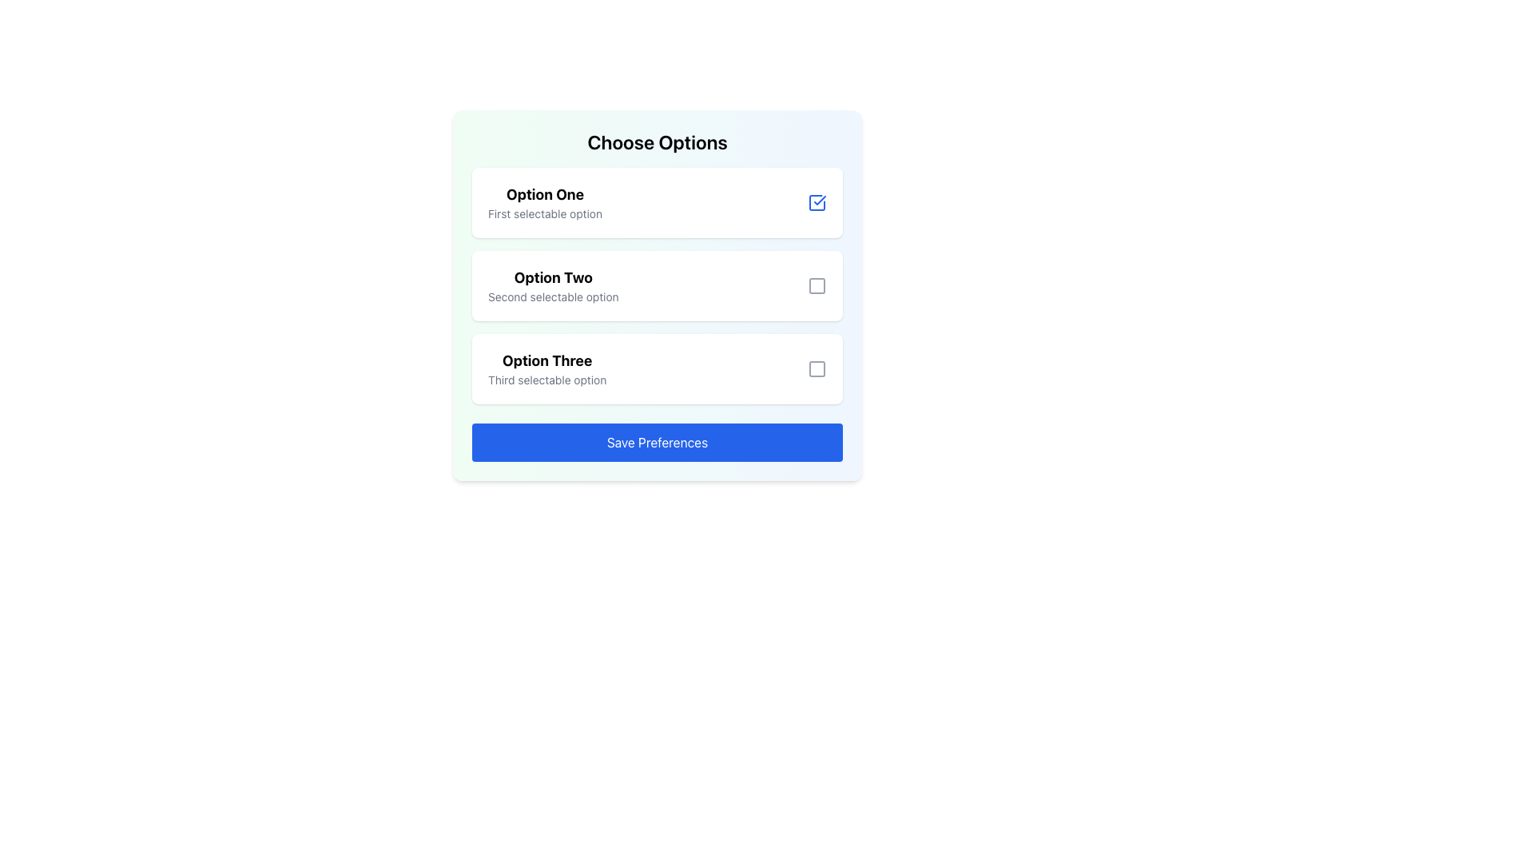 This screenshot has width=1534, height=863. What do you see at coordinates (817, 285) in the screenshot?
I see `the decorative icon or indicator located within the 'Option Two' row, positioned to the right of the text and inside a square outline` at bounding box center [817, 285].